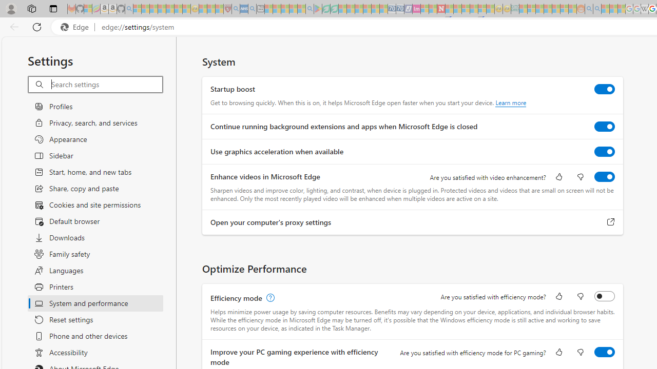  I want to click on 'Target page - Wikipedia - Sleeping', so click(644, 9).